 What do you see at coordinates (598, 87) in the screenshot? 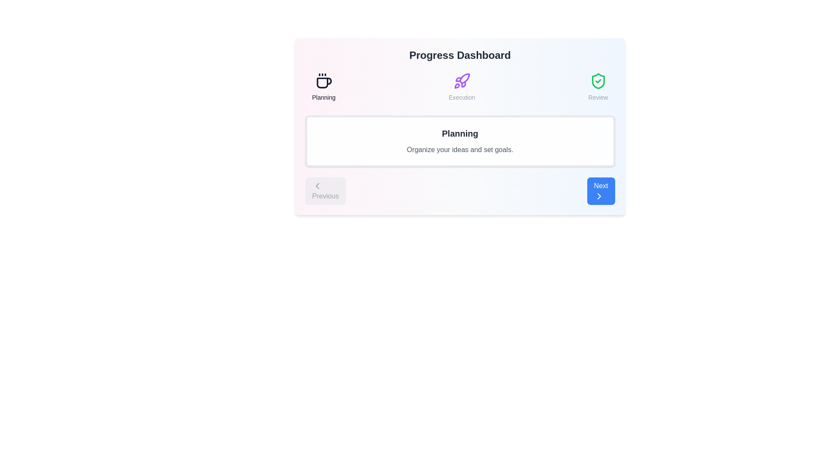
I see `the stage icon to view its details. Specify the stage as Review` at bounding box center [598, 87].